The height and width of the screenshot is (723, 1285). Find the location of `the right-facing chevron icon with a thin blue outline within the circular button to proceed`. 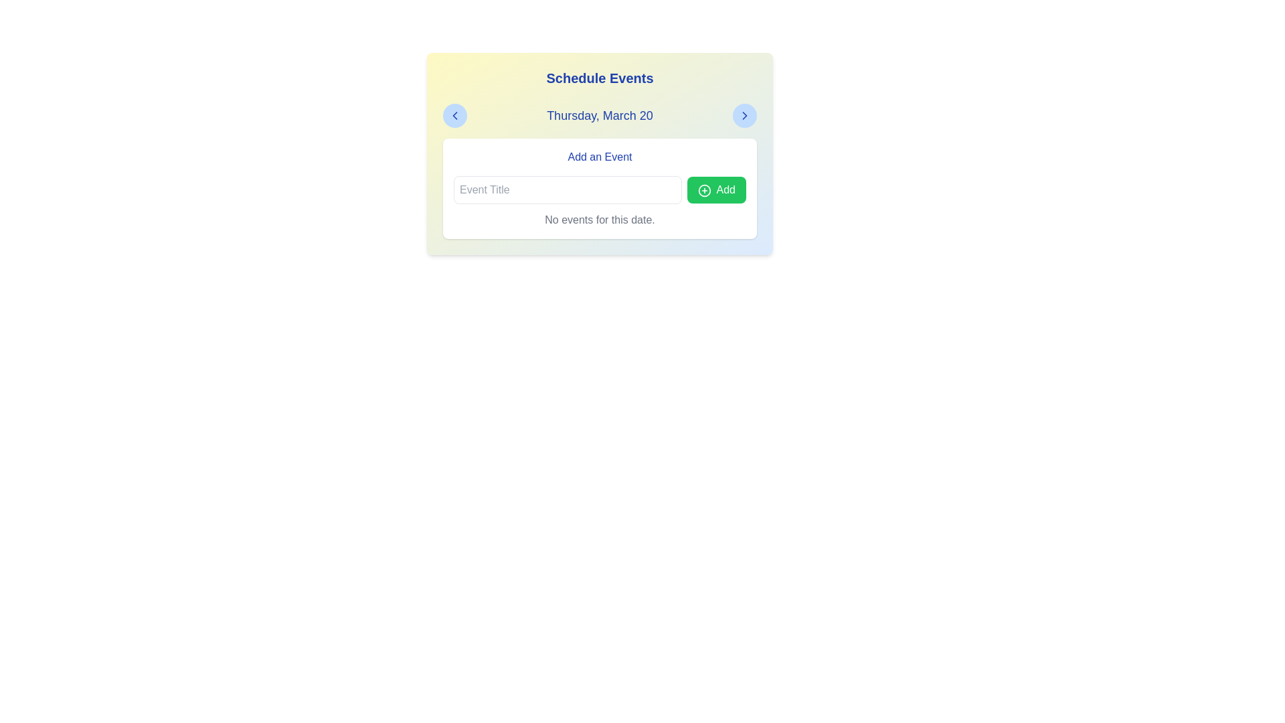

the right-facing chevron icon with a thin blue outline within the circular button to proceed is located at coordinates (744, 115).